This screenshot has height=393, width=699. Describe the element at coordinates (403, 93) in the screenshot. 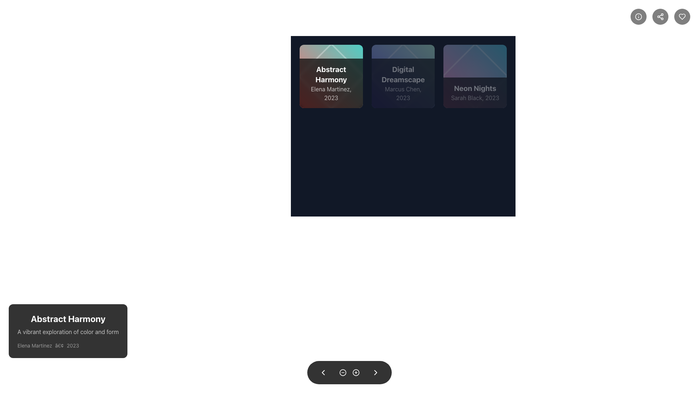

I see `the text label reading 'Marcus Chen, 2023', which is styled in white with some transparency and located below the heading 'Digital Dreamscape' in the second card of a horizontal row` at that location.